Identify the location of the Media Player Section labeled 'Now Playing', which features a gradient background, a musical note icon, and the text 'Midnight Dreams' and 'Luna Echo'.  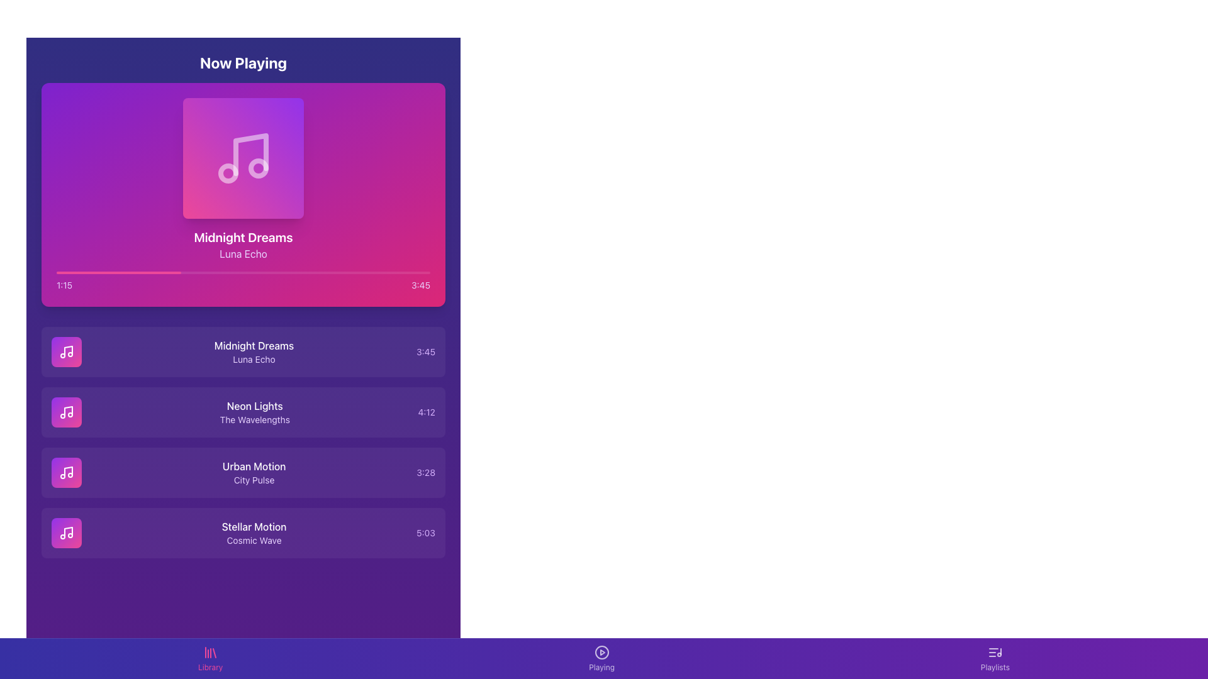
(243, 179).